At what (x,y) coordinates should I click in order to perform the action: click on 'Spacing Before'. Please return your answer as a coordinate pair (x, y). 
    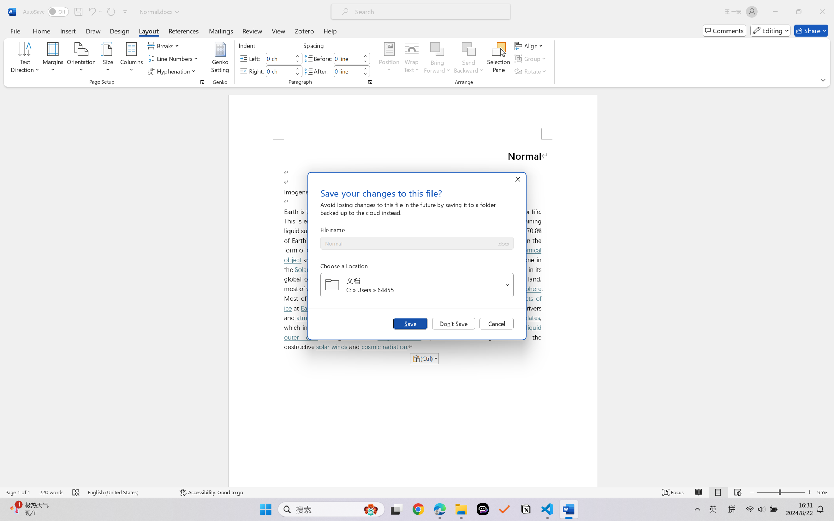
    Looking at the image, I should click on (347, 58).